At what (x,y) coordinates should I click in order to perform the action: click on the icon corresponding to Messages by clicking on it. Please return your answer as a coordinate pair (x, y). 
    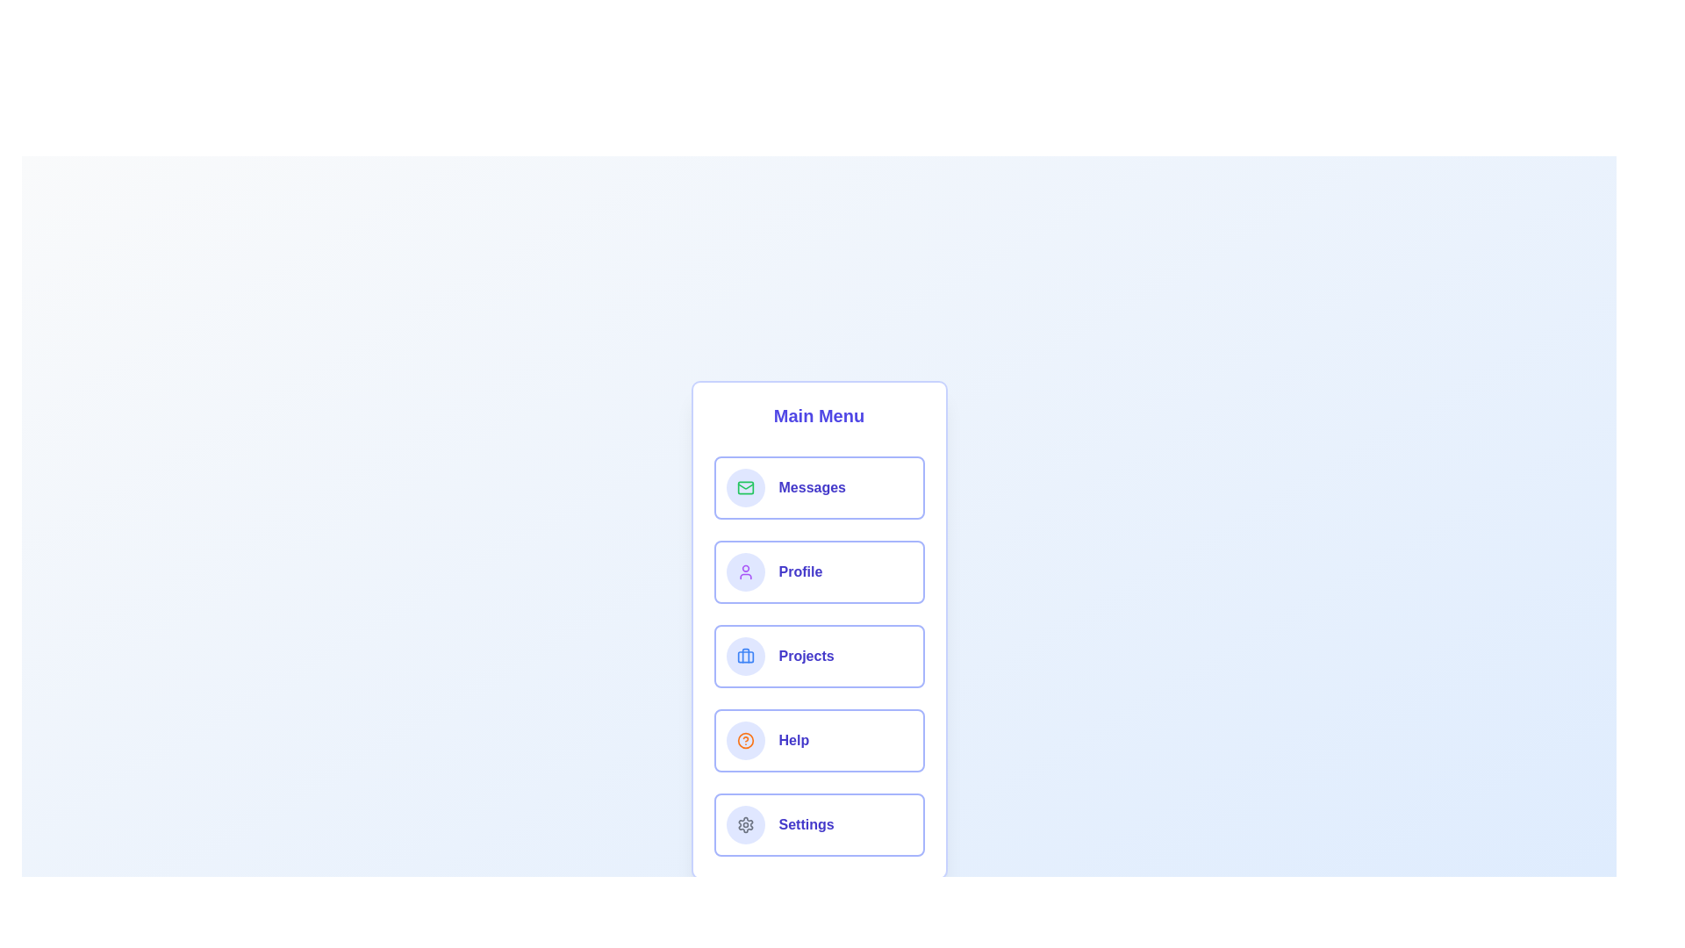
    Looking at the image, I should click on (745, 487).